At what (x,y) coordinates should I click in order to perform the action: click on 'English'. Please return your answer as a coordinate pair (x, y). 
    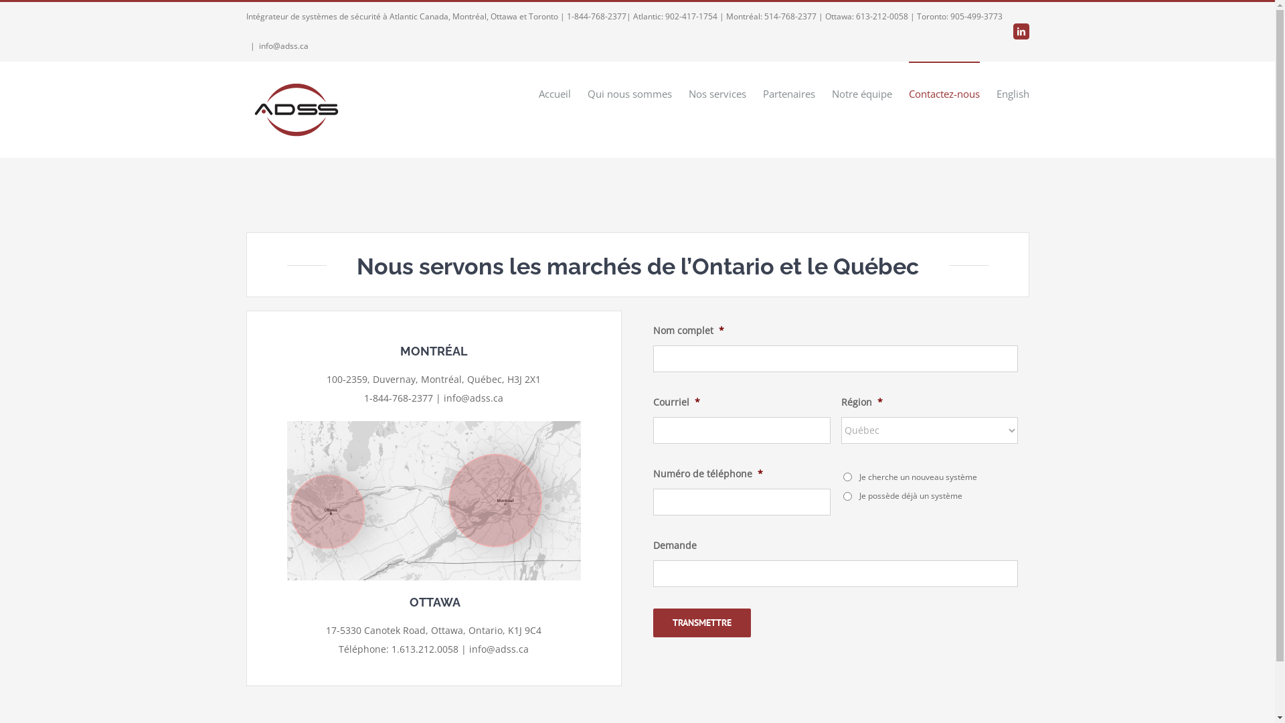
    Looking at the image, I should click on (1012, 92).